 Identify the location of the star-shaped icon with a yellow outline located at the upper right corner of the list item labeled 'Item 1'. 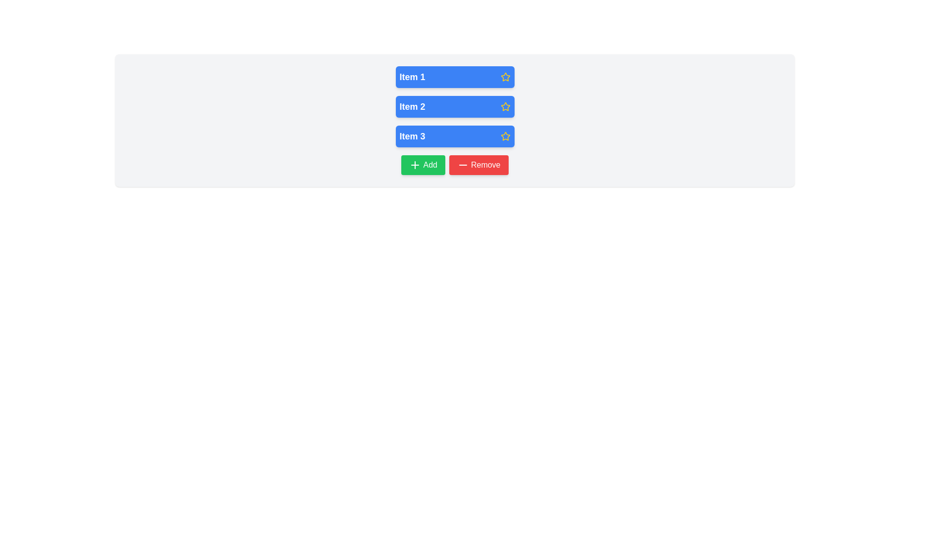
(505, 76).